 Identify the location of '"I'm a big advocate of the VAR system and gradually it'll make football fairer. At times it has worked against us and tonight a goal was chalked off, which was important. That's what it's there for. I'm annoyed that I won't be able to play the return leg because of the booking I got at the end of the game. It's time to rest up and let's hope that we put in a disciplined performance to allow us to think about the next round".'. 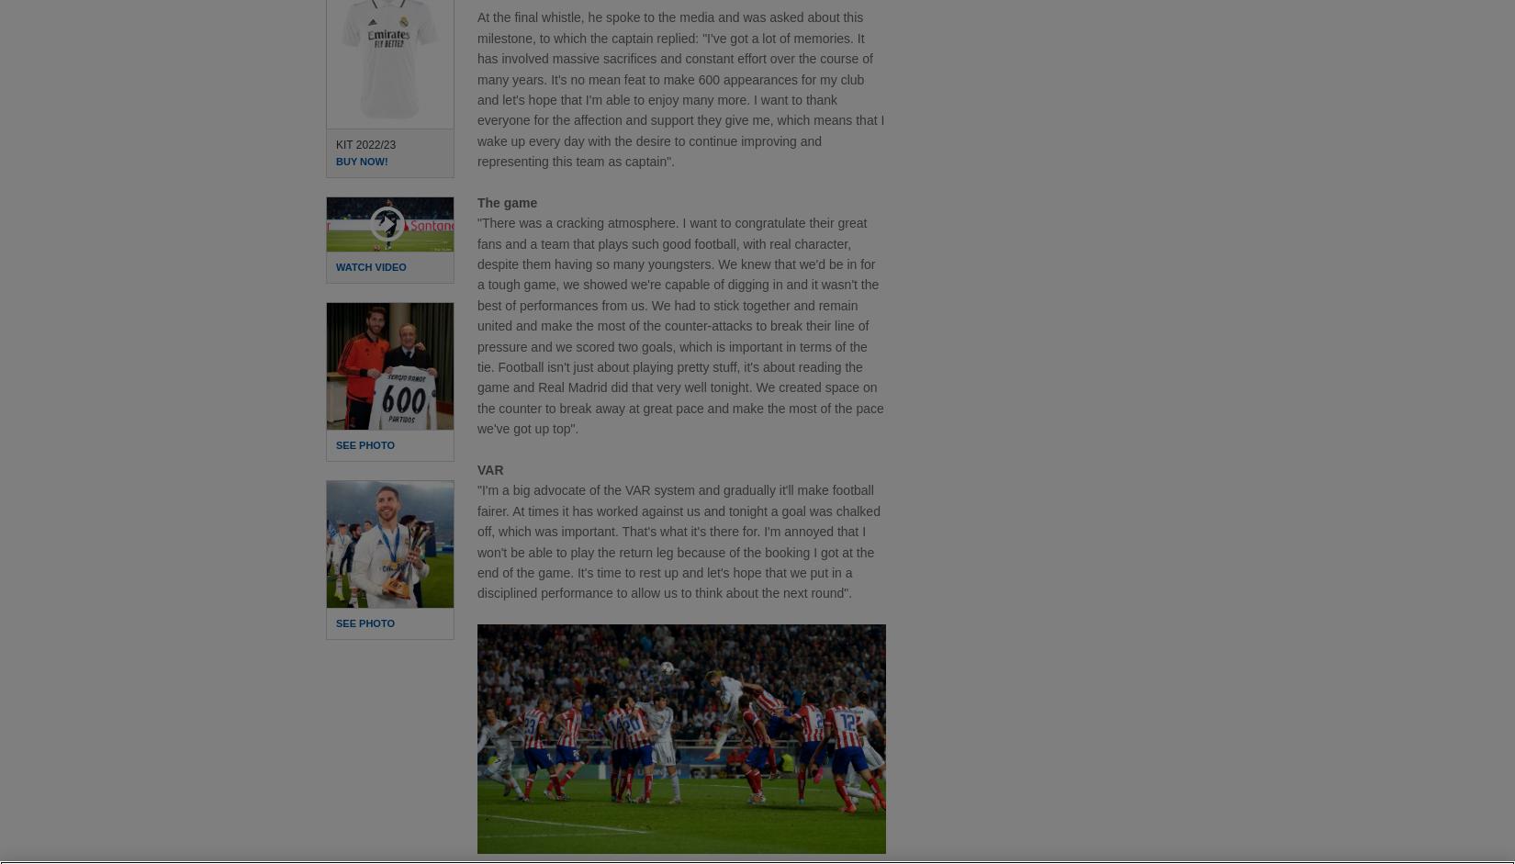
(678, 541).